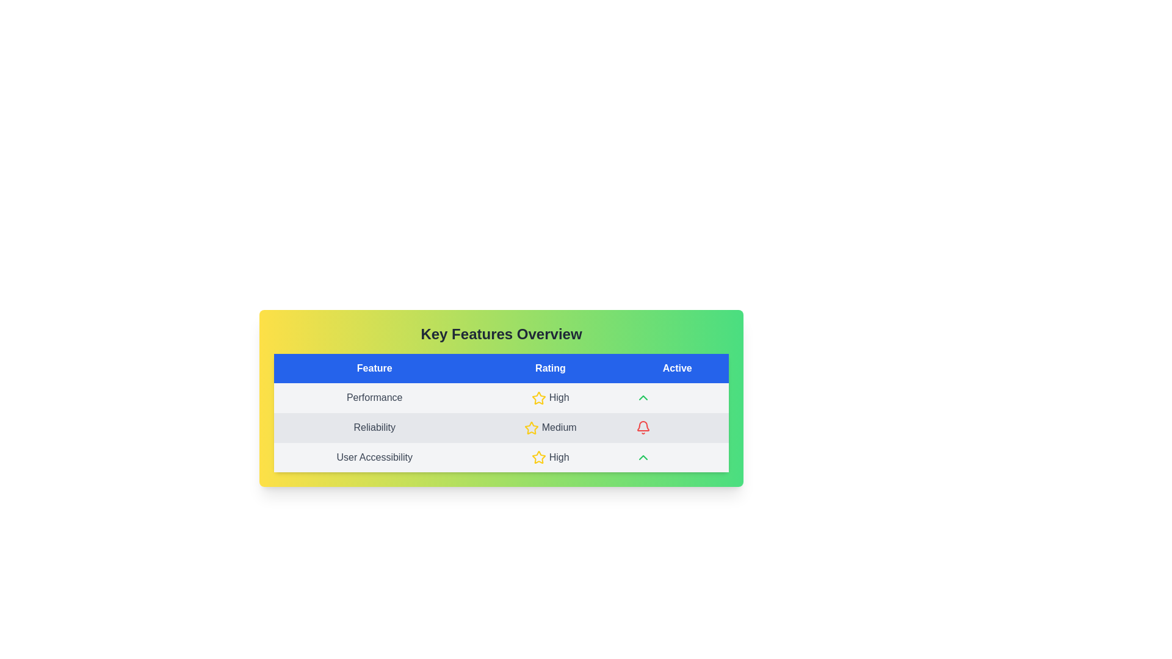 The image size is (1172, 659). Describe the element at coordinates (501, 427) in the screenshot. I see `the second row of the table labeled 'Reliability'` at that location.